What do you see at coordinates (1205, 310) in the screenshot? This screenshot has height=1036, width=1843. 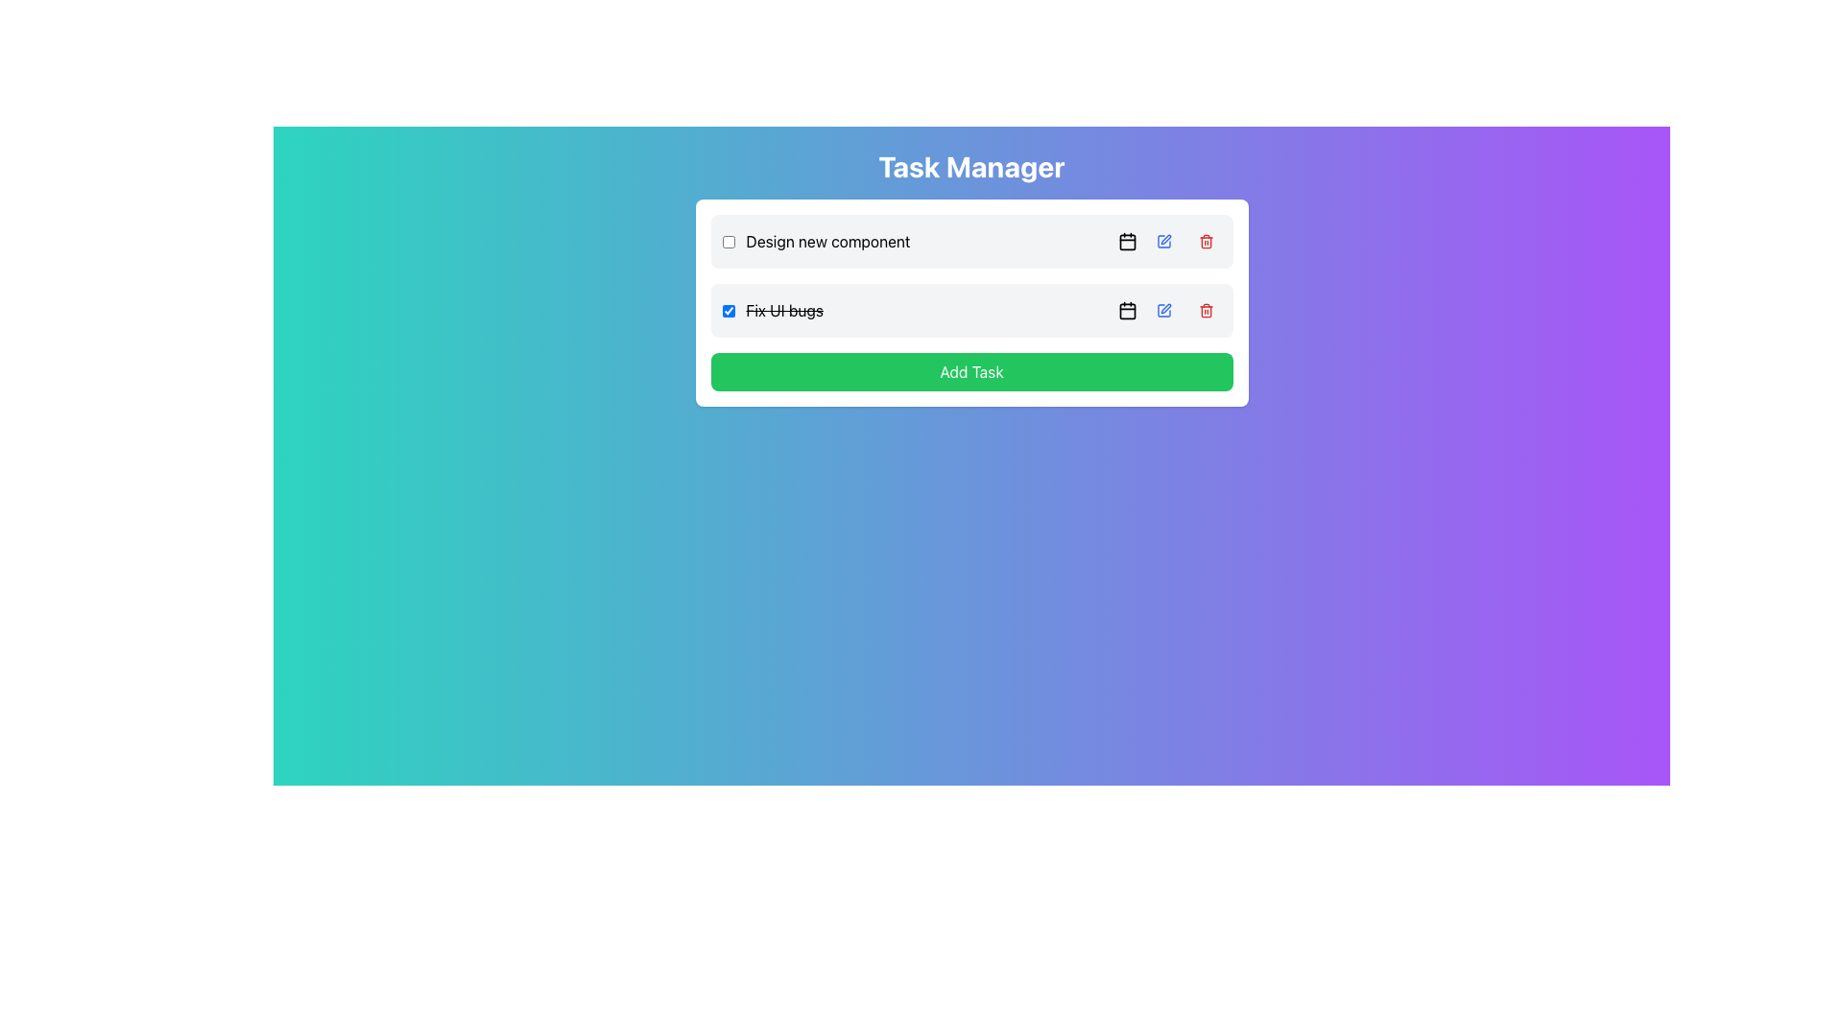 I see `the delete button represented by a trash bin icon` at bounding box center [1205, 310].